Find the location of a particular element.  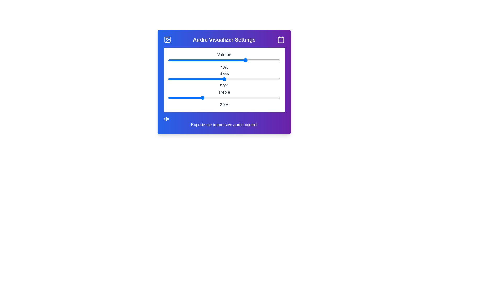

the volume slider to set the volume to 81% is located at coordinates (259, 60).